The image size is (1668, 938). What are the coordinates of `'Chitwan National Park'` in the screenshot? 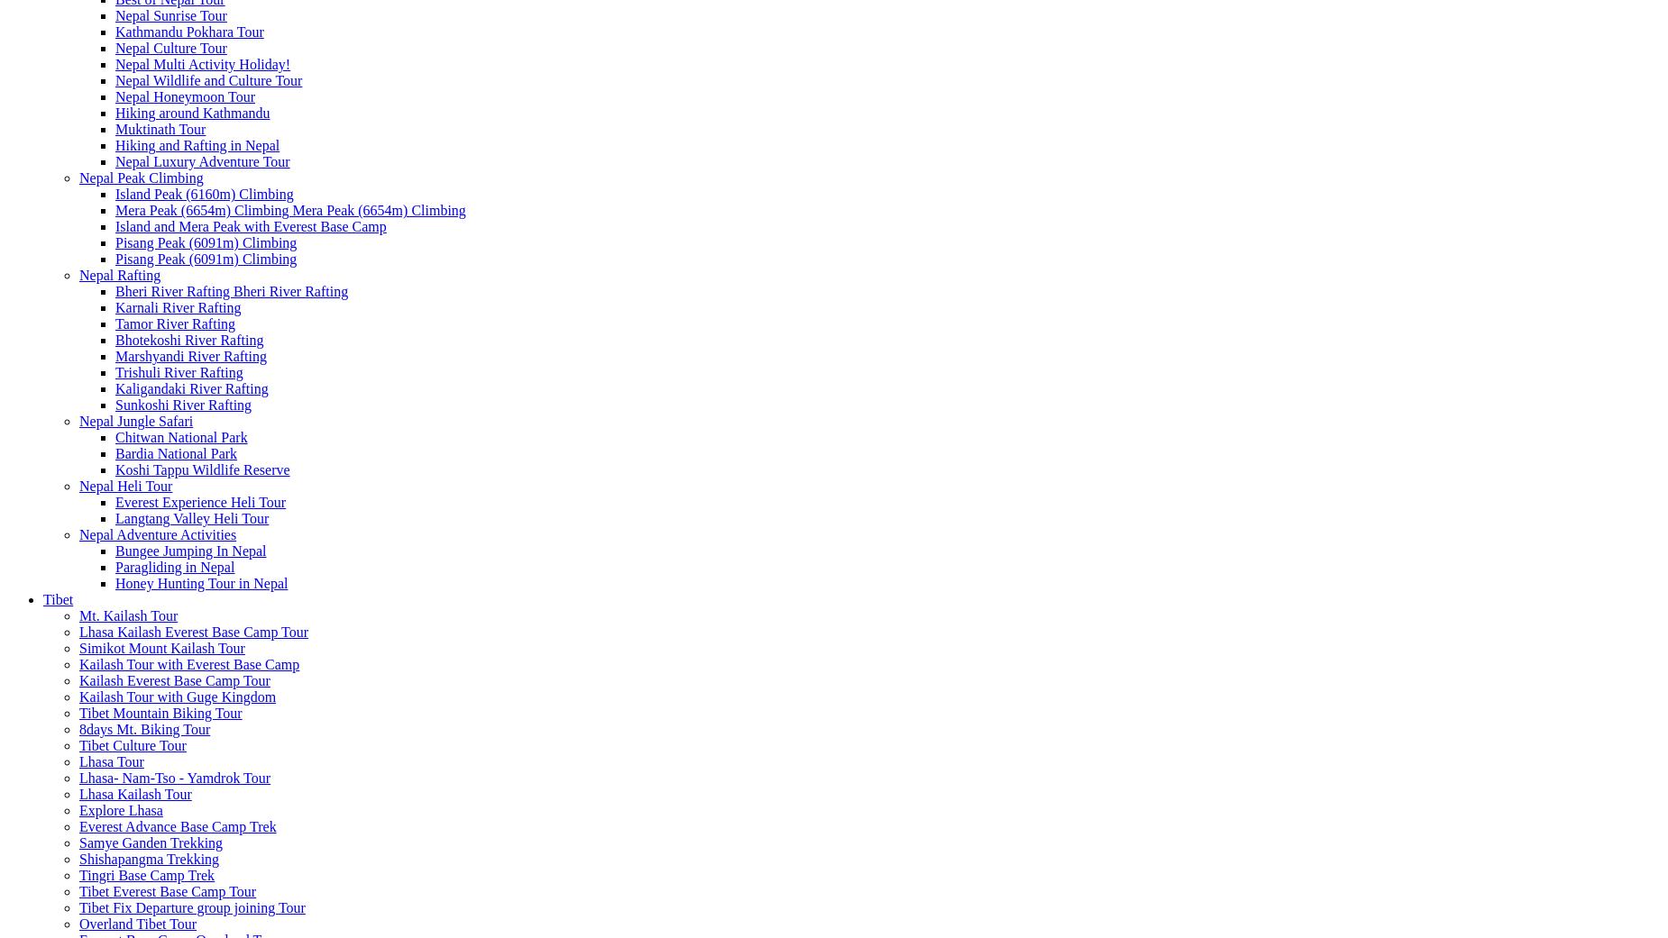 It's located at (179, 436).